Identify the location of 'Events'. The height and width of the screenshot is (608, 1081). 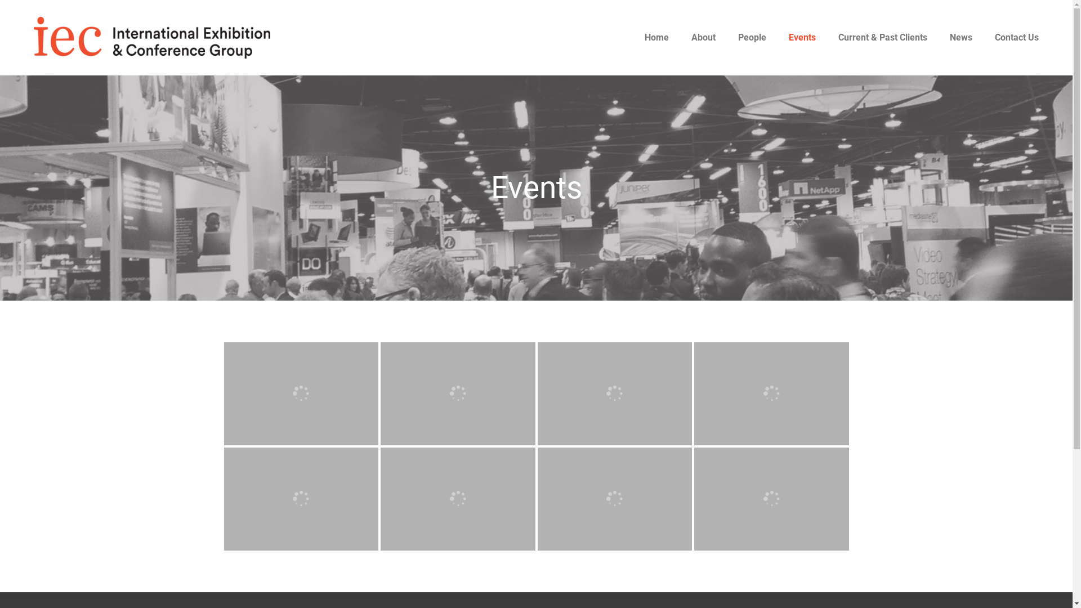
(802, 37).